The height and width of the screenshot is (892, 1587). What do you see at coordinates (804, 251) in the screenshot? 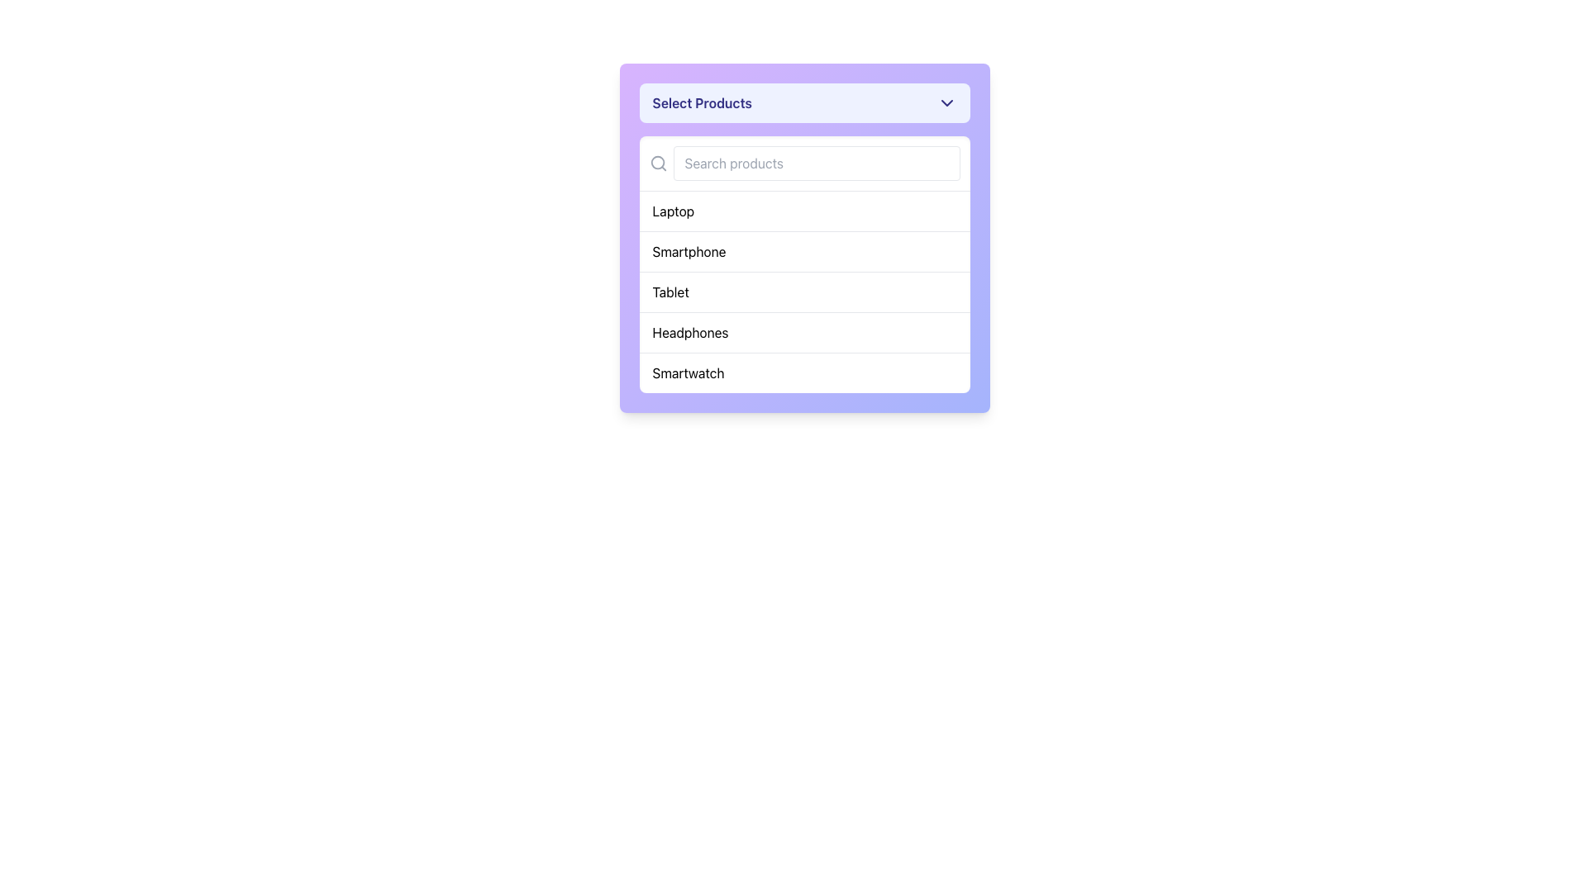
I see `the 'Smartphone' option in the dropdown list` at bounding box center [804, 251].